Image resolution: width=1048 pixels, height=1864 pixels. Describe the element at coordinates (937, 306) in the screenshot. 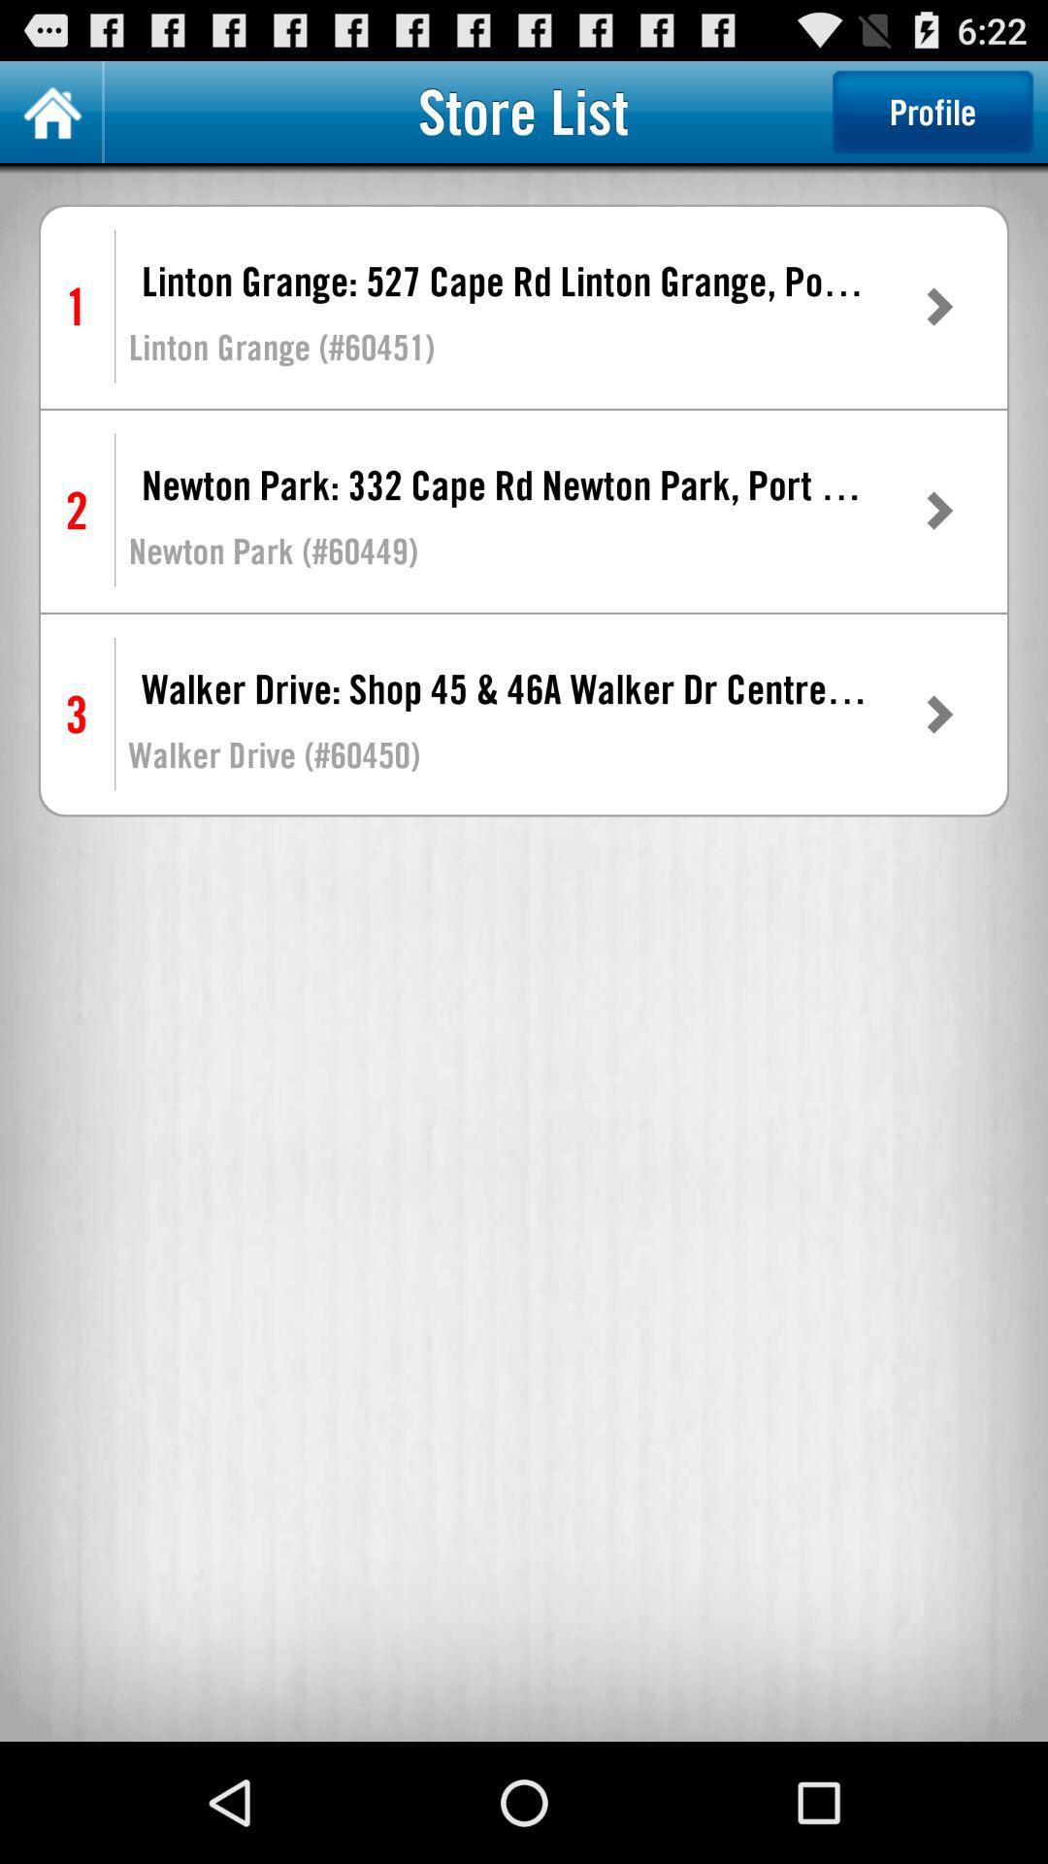

I see `item next to the linton grange 527 icon` at that location.